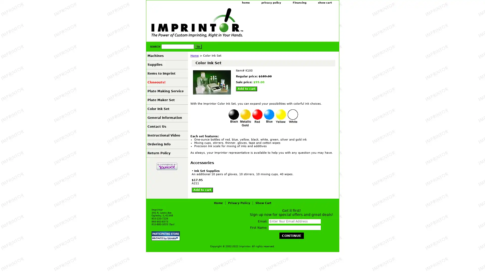 Image resolution: width=485 pixels, height=273 pixels. I want to click on Add to cart, so click(246, 88).